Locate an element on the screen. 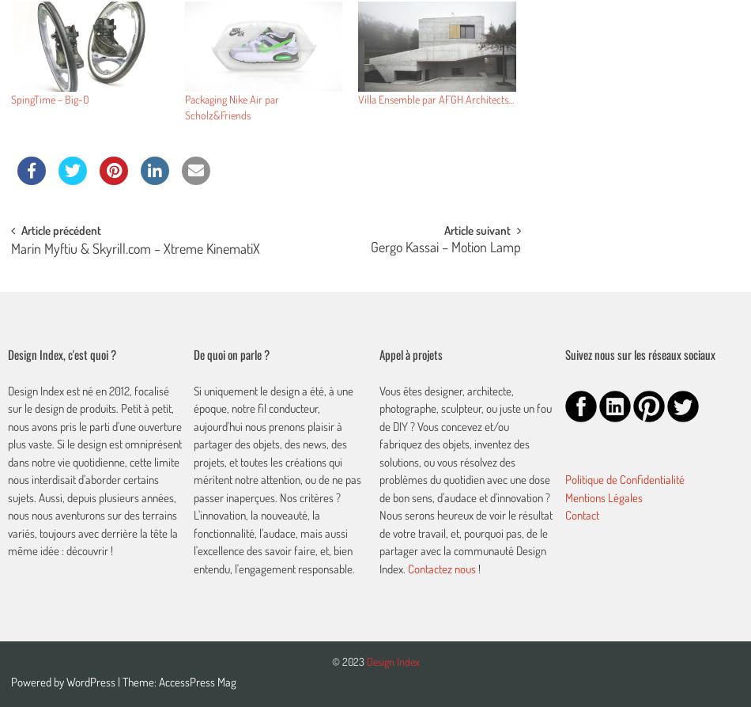 Image resolution: width=751 pixels, height=707 pixels. 'Vous êtes designer, architecte, photographe, sculpteur, ou juste un fou de DIY ? Vous concevez et/ou fabriquez des objets, inventez des solutions, ou vous résolvez des problèmes du quotidien avec une dose de bon sens, d'audace et d'innovation ? Nous serons heureux de voir le résultat de votre travail, et, pourquoi pas, de le partager avec la communauté Design Index.' is located at coordinates (378, 479).